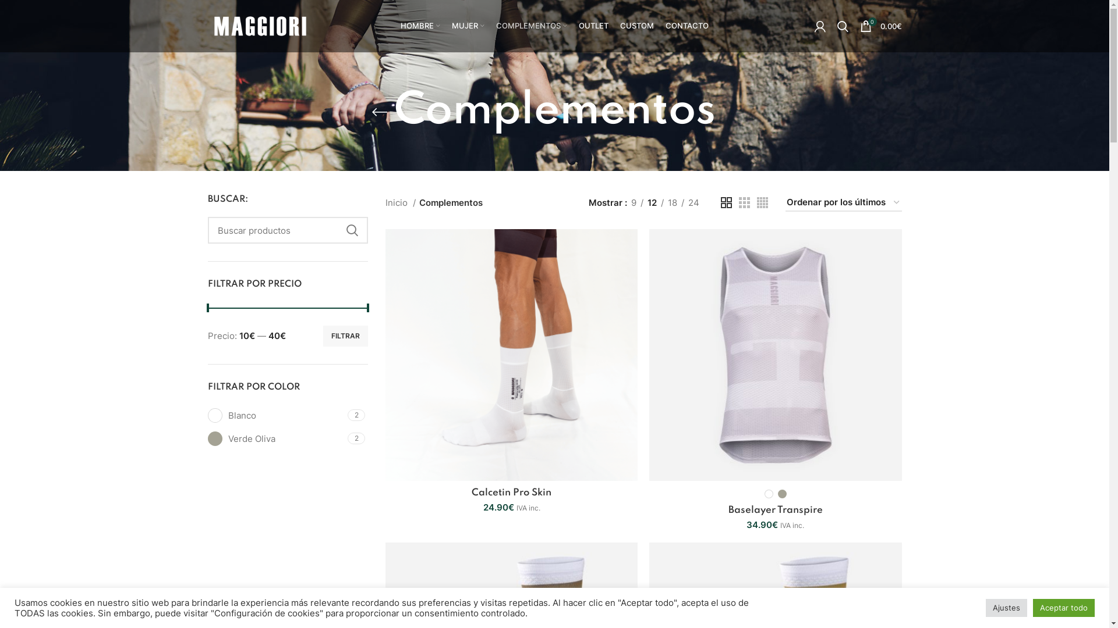 This screenshot has height=628, width=1118. Describe the element at coordinates (650, 202) in the screenshot. I see `'12'` at that location.